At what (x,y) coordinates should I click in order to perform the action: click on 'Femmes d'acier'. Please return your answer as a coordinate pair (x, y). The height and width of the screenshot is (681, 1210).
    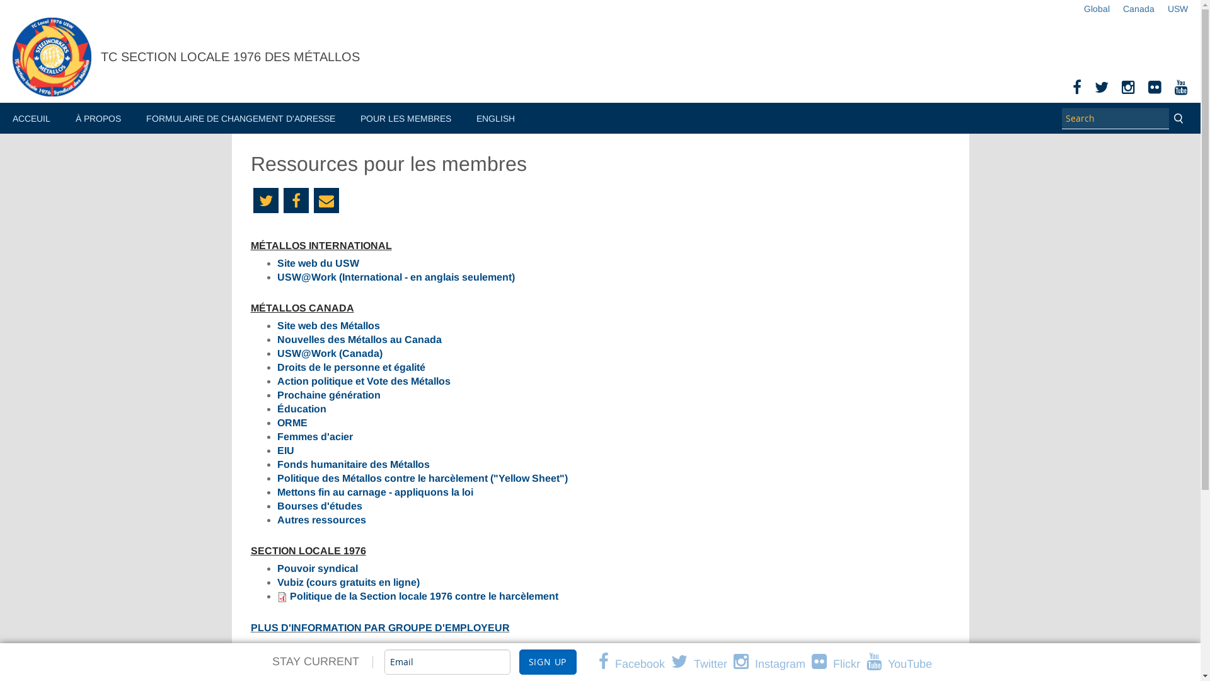
    Looking at the image, I should click on (314, 436).